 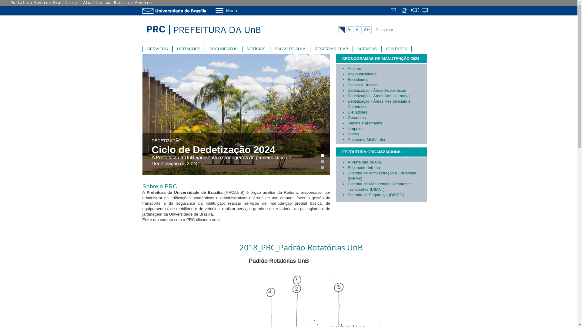 I want to click on 'SALAS DE AULA', so click(x=289, y=49).